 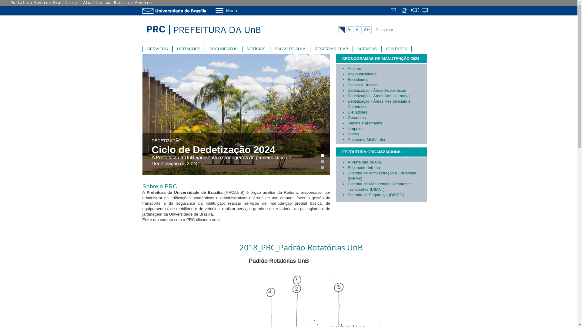 I want to click on 'SALAS DE AULA', so click(x=289, y=49).